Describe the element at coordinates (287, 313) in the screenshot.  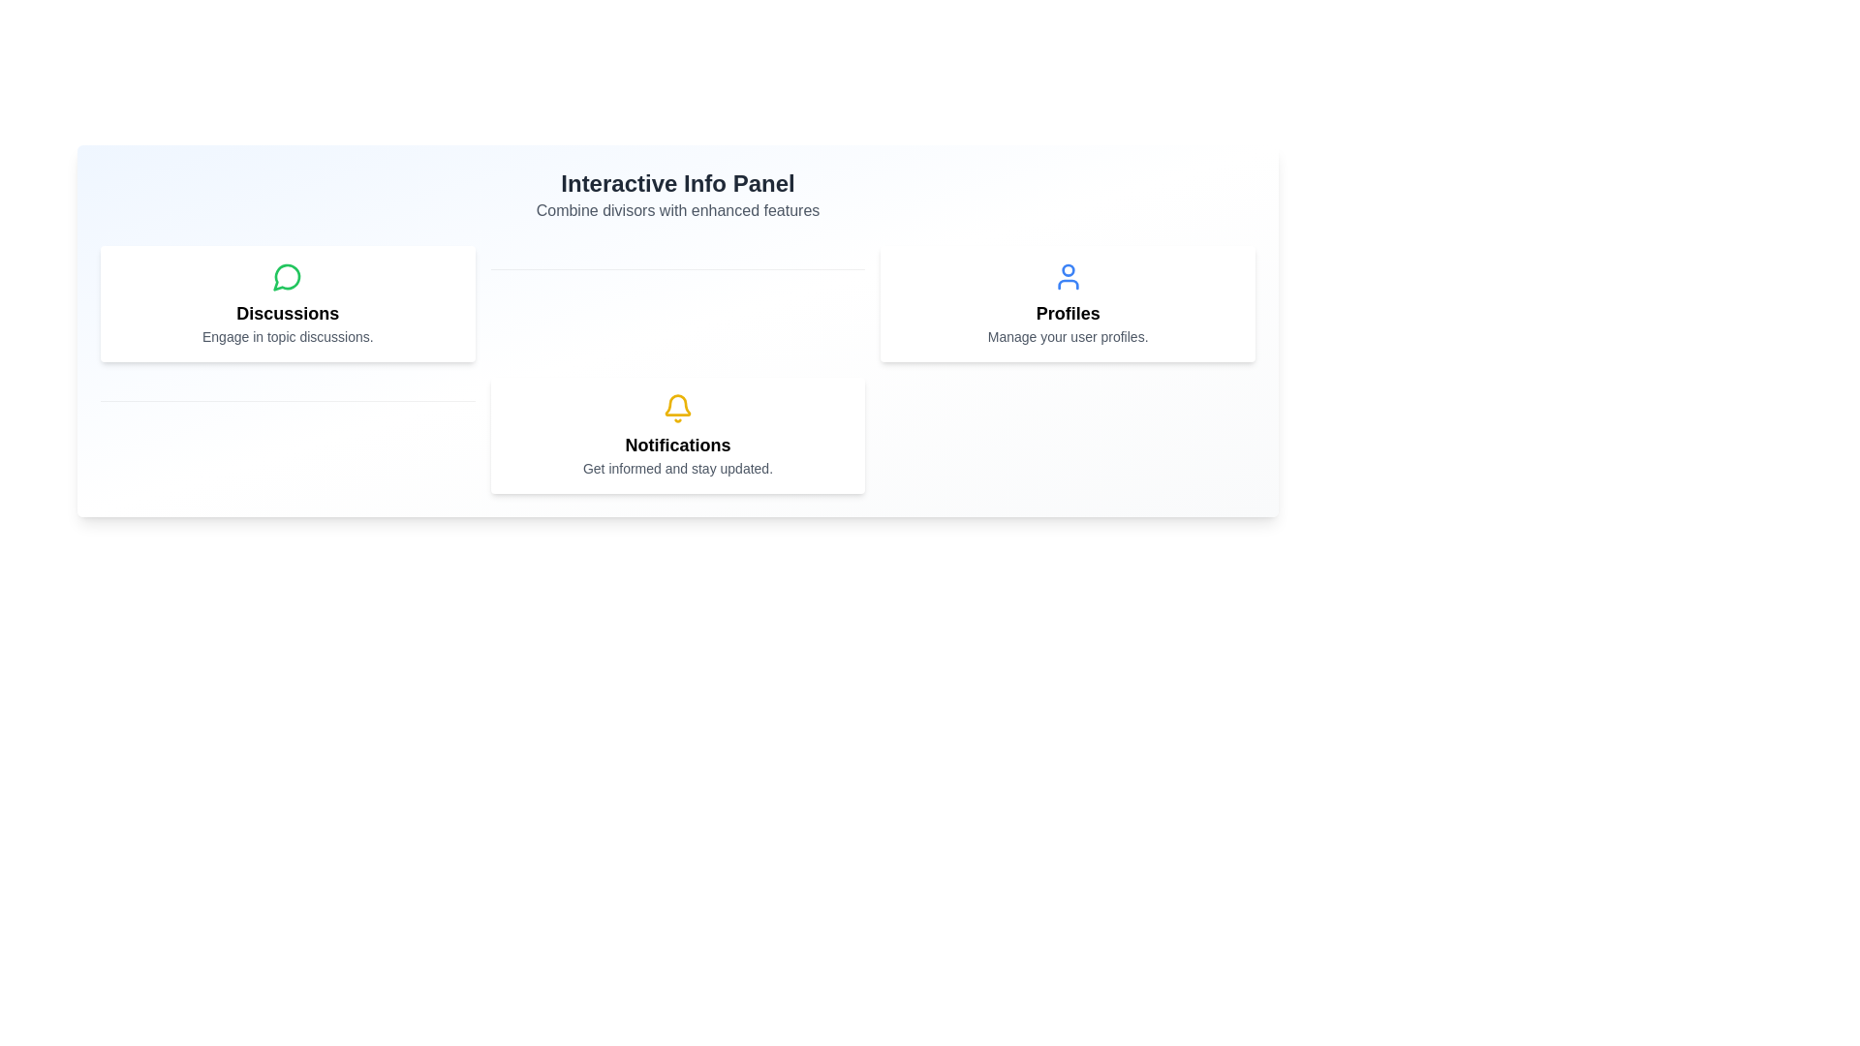
I see `the bolded text label reading 'Discussions' located within a white rectangular box near the top-left portion of the interface, beneath a message bubble icon and above the smaller text 'Engage in topic discussions.'` at that location.